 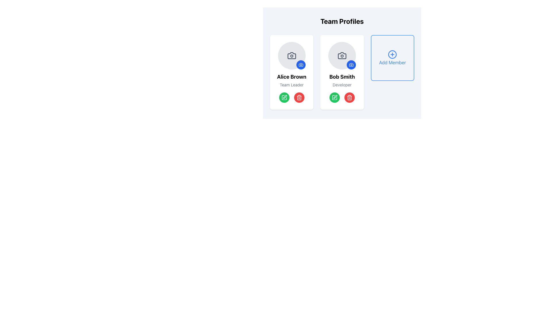 What do you see at coordinates (292, 72) in the screenshot?
I see `the green button with a pen icon located at the bottom left of the card component displaying 'Alice Brown' and 'Team Leader'` at bounding box center [292, 72].